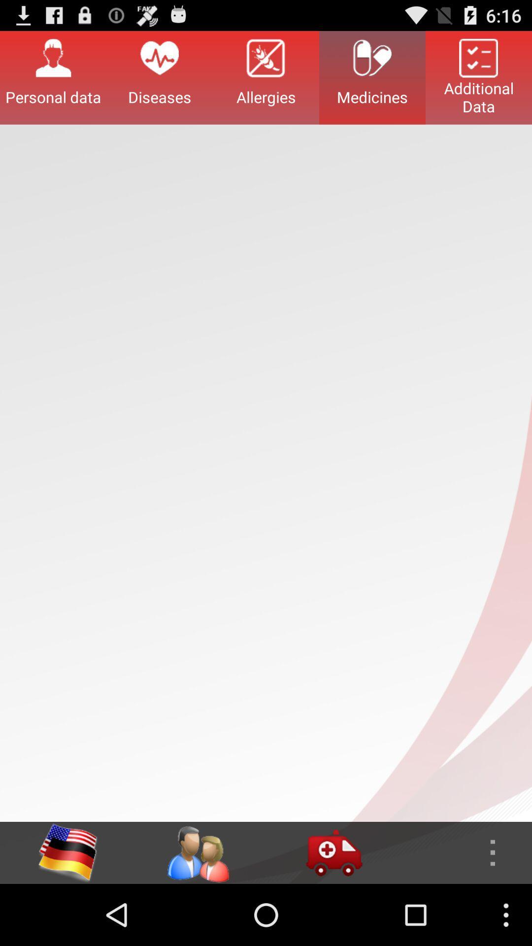 The height and width of the screenshot is (946, 532). I want to click on brings up interactive menu, so click(464, 852).